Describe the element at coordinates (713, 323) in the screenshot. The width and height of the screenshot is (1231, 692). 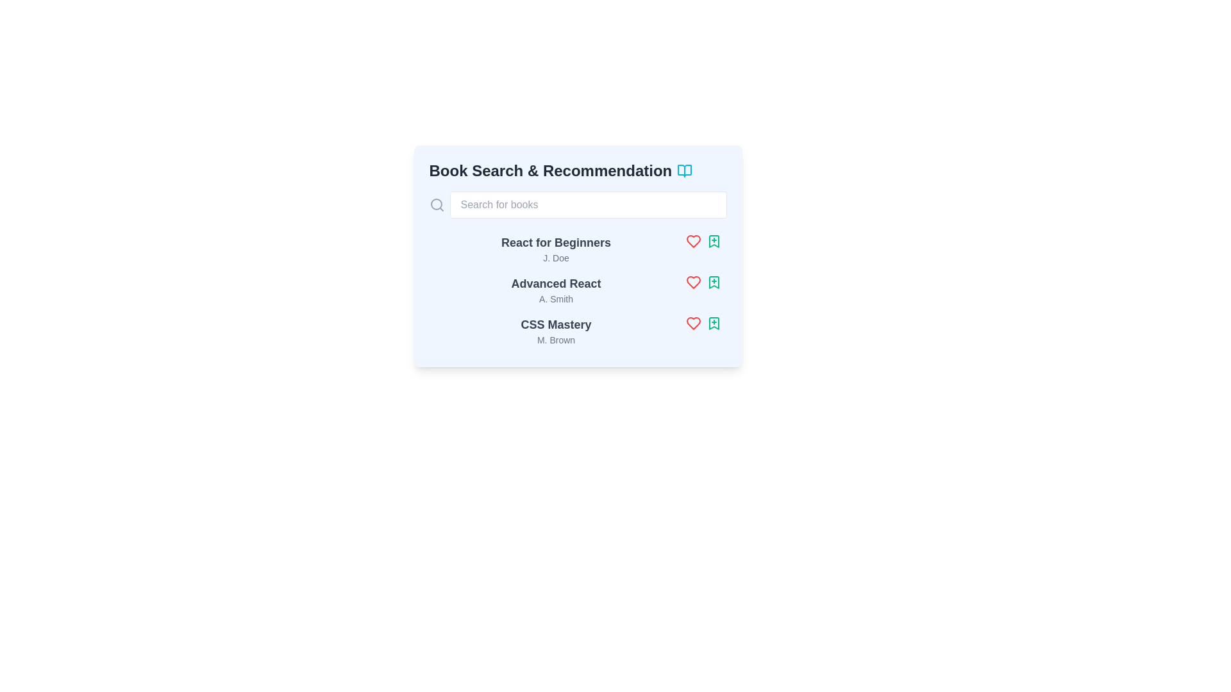
I see `the bookmark icon button with a green outline and '+' sign to bookmark the item 'CSS Mastery'` at that location.